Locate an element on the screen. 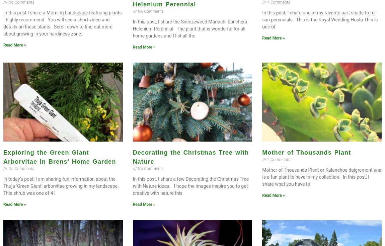 This screenshot has height=246, width=385. 'Exploring the Green Giant Arborvitae In Brens’ Home Garden' is located at coordinates (59, 156).